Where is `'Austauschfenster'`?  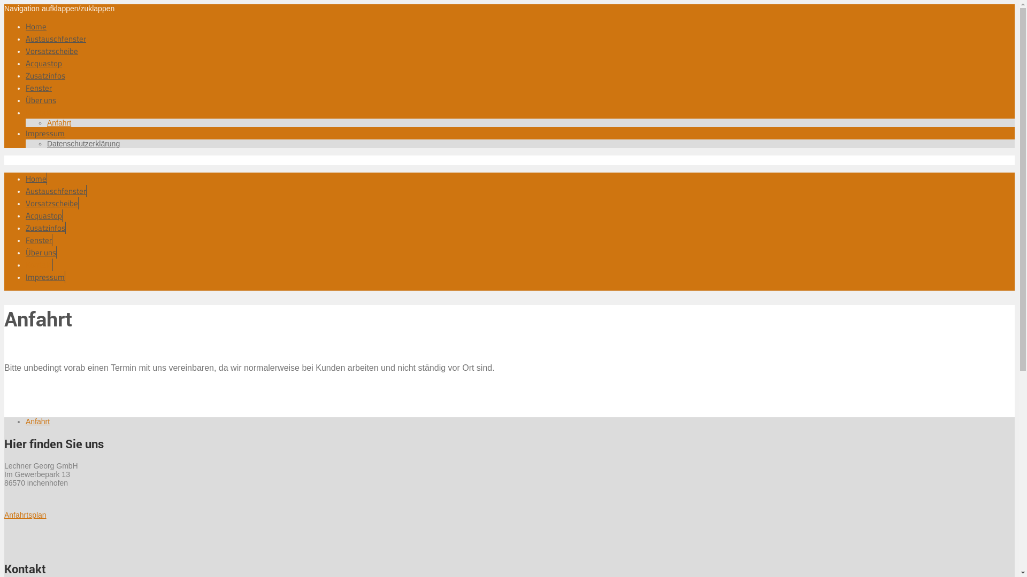 'Austauschfenster' is located at coordinates (26, 190).